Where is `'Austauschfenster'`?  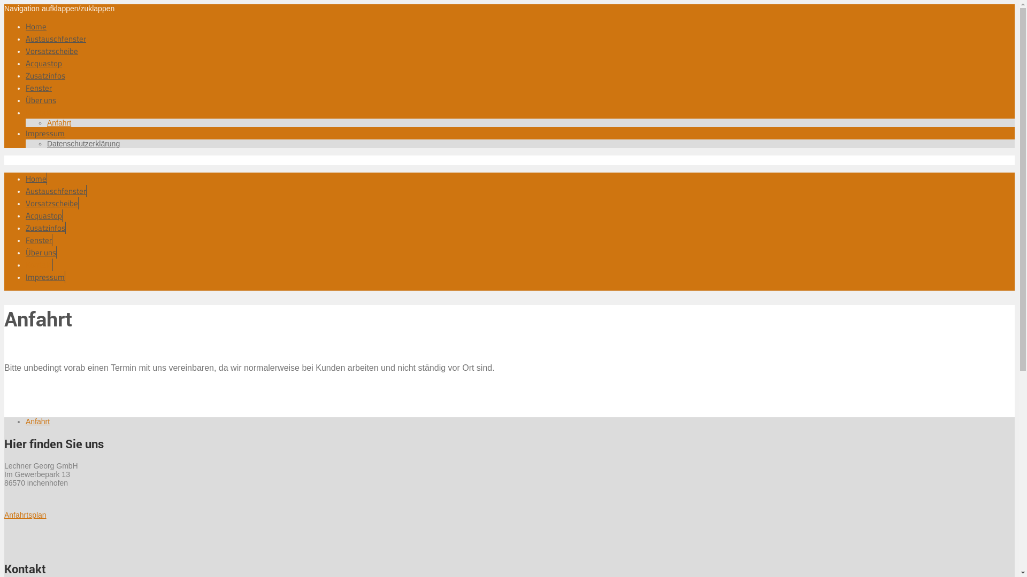 'Austauschfenster' is located at coordinates (26, 190).